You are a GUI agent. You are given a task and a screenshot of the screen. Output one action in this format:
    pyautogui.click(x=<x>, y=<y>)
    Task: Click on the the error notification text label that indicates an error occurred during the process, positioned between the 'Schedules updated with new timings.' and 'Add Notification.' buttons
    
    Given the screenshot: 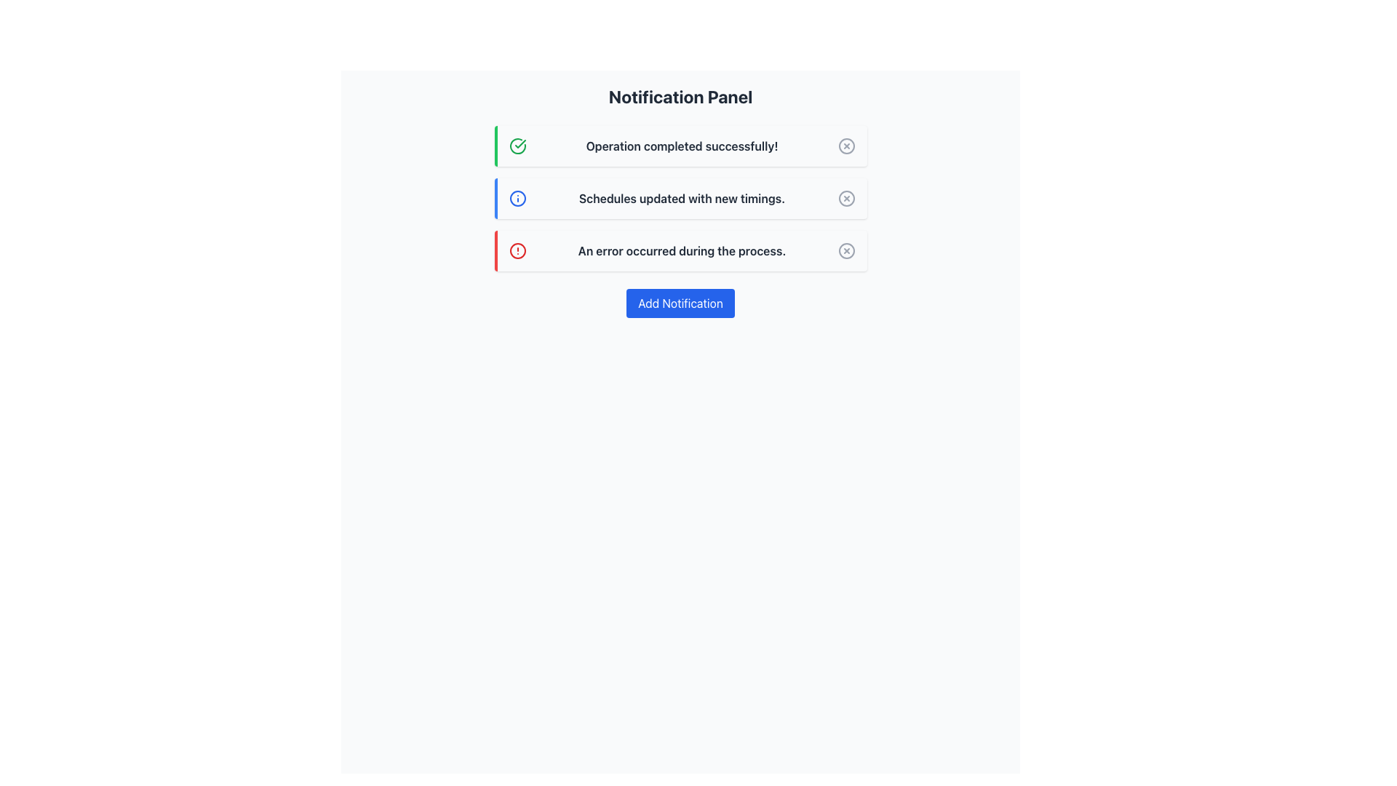 What is the action you would take?
    pyautogui.click(x=681, y=250)
    